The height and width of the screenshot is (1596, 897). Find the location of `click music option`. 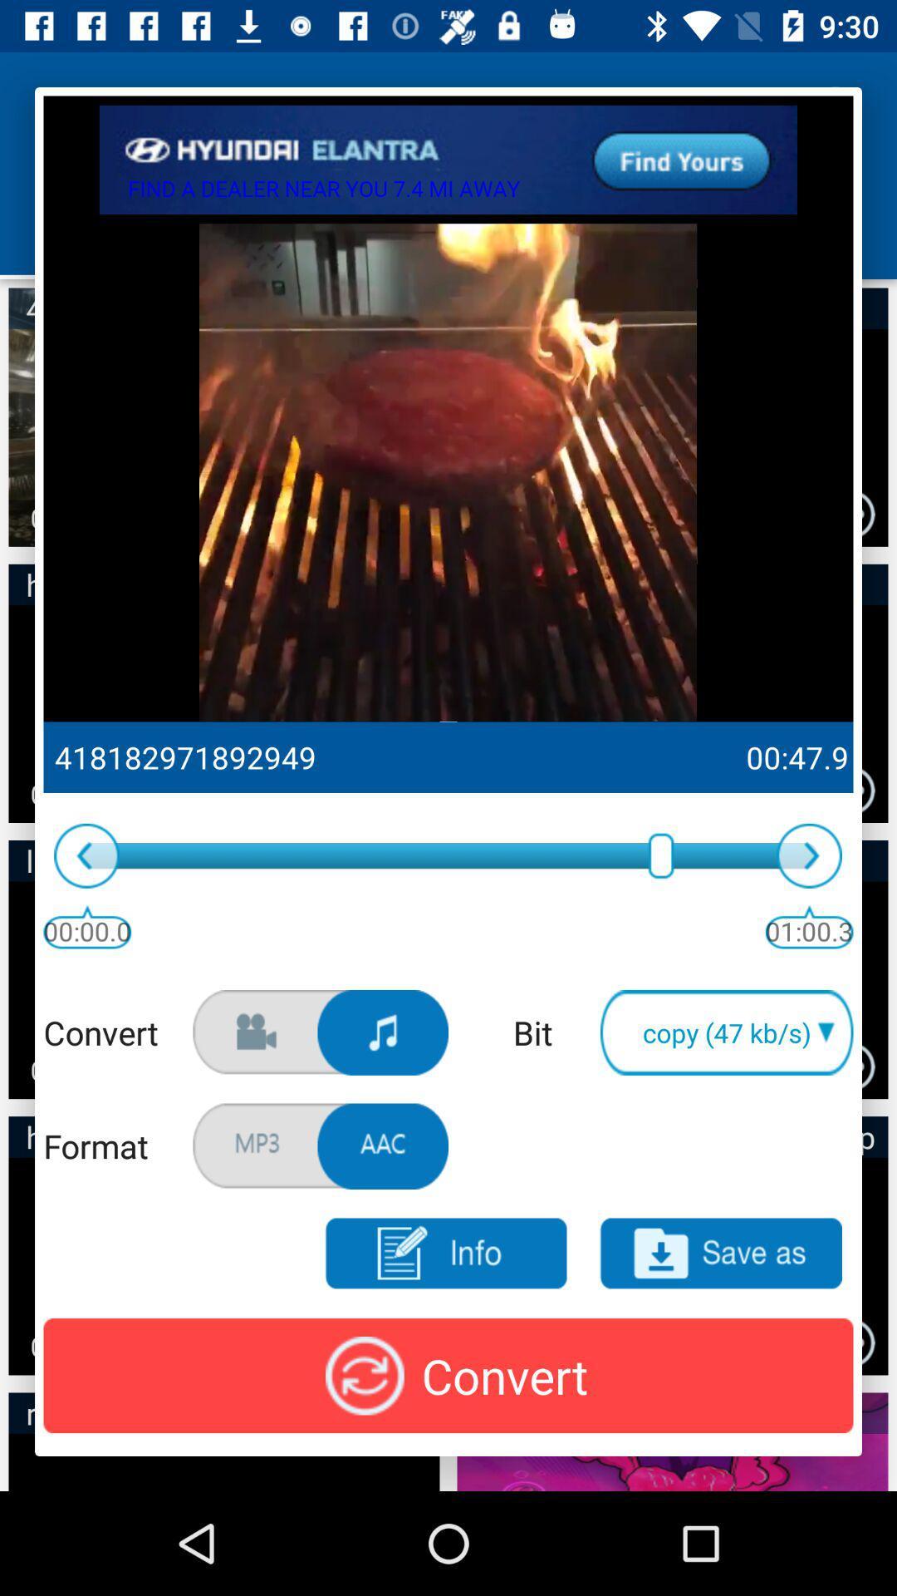

click music option is located at coordinates (383, 1032).